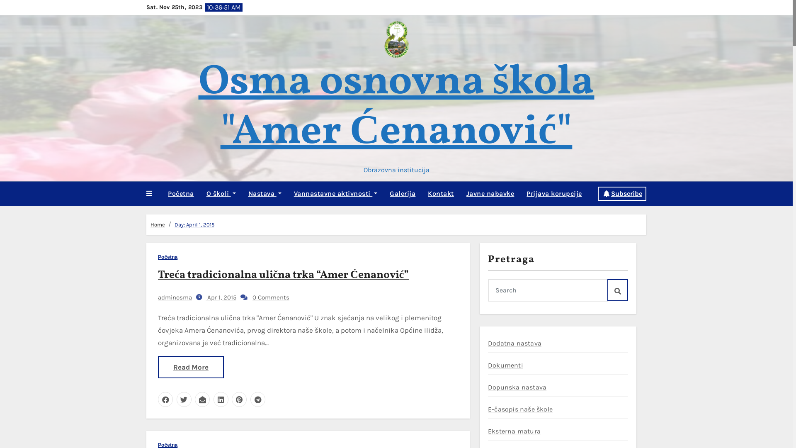  I want to click on 'Home', so click(150, 224).